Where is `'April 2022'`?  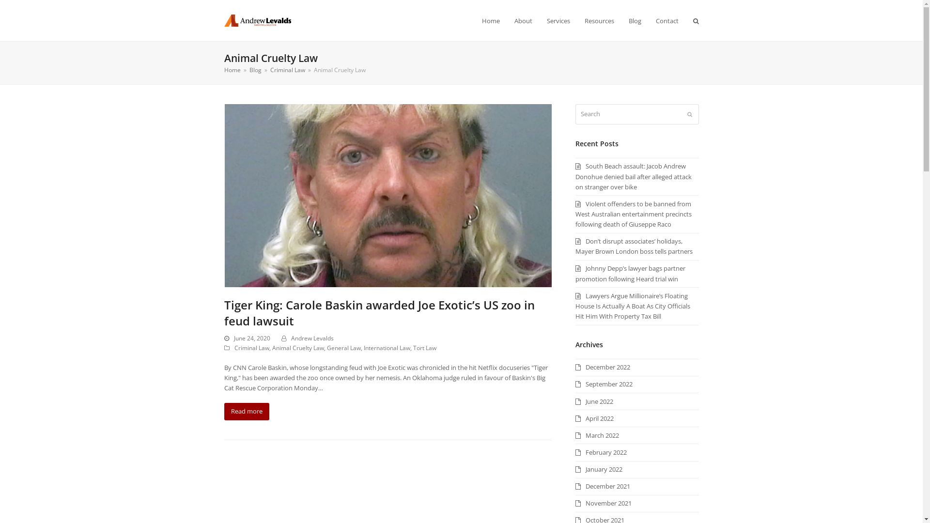 'April 2022' is located at coordinates (594, 418).